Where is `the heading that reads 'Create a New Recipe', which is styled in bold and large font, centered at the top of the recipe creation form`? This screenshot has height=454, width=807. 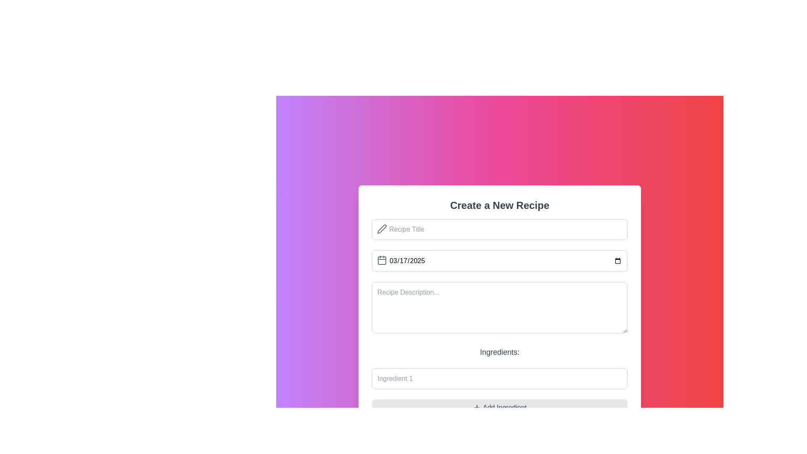
the heading that reads 'Create a New Recipe', which is styled in bold and large font, centered at the top of the recipe creation form is located at coordinates (500, 206).